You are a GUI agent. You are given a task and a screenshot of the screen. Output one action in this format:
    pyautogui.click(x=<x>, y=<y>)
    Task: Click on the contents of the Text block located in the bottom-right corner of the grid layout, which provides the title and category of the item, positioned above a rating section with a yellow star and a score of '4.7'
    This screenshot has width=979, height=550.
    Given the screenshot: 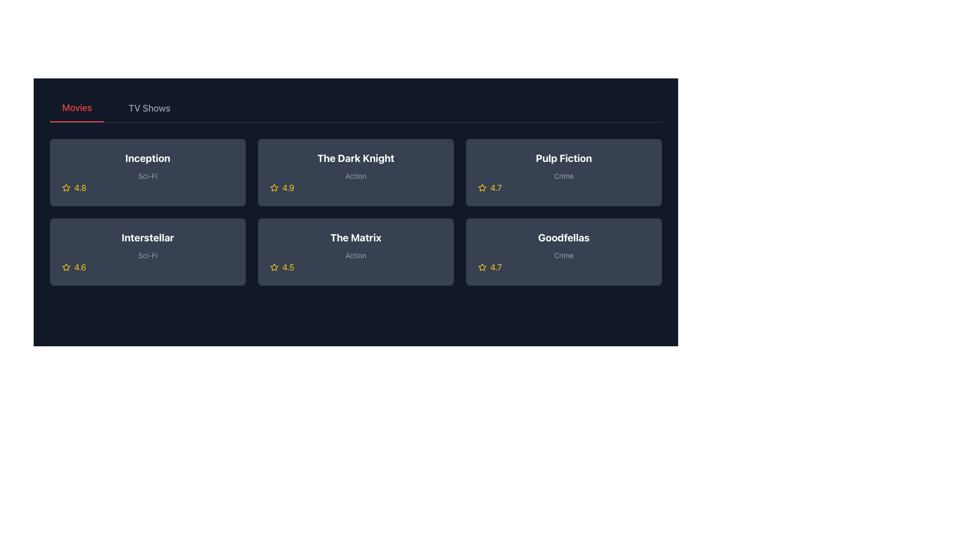 What is the action you would take?
    pyautogui.click(x=563, y=245)
    